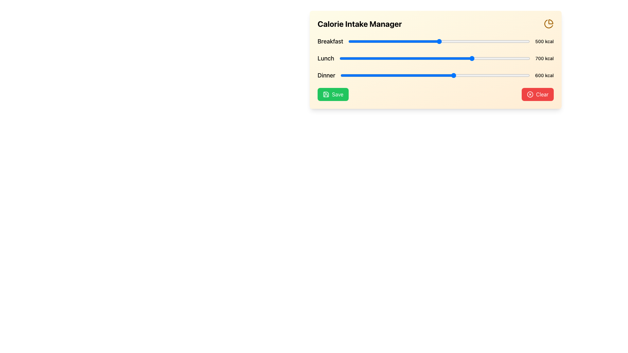 The width and height of the screenshot is (628, 353). I want to click on the decorative pie chart segment icon located in the top right corner of the 'Calorie Intake Manager' interface, so click(550, 21).